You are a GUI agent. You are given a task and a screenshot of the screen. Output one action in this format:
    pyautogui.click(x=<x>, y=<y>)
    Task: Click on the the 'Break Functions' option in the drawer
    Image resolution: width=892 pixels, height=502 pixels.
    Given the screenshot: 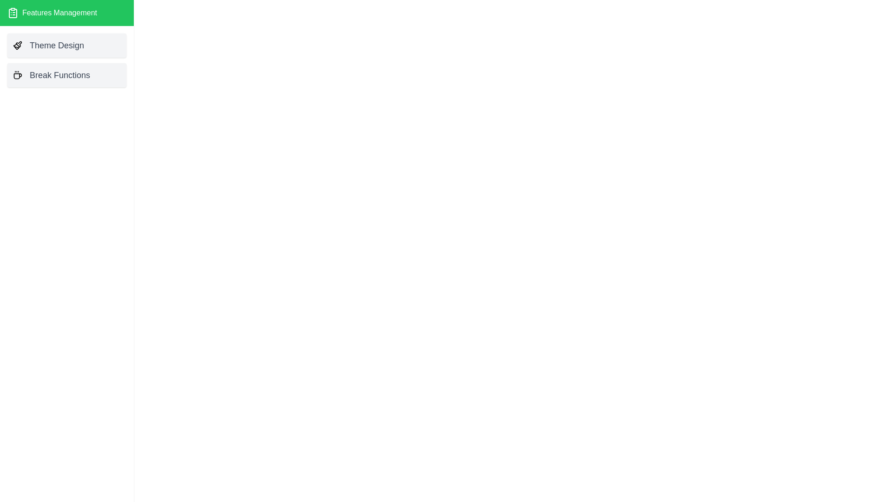 What is the action you would take?
    pyautogui.click(x=66, y=75)
    